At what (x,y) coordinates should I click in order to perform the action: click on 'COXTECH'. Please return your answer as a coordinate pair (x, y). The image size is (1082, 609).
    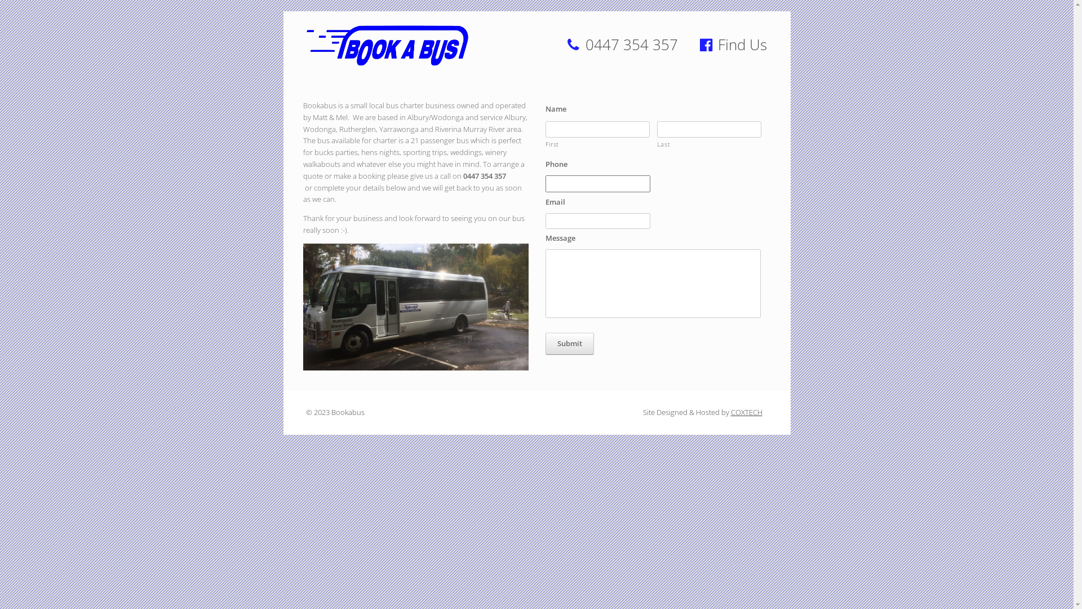
    Looking at the image, I should click on (746, 412).